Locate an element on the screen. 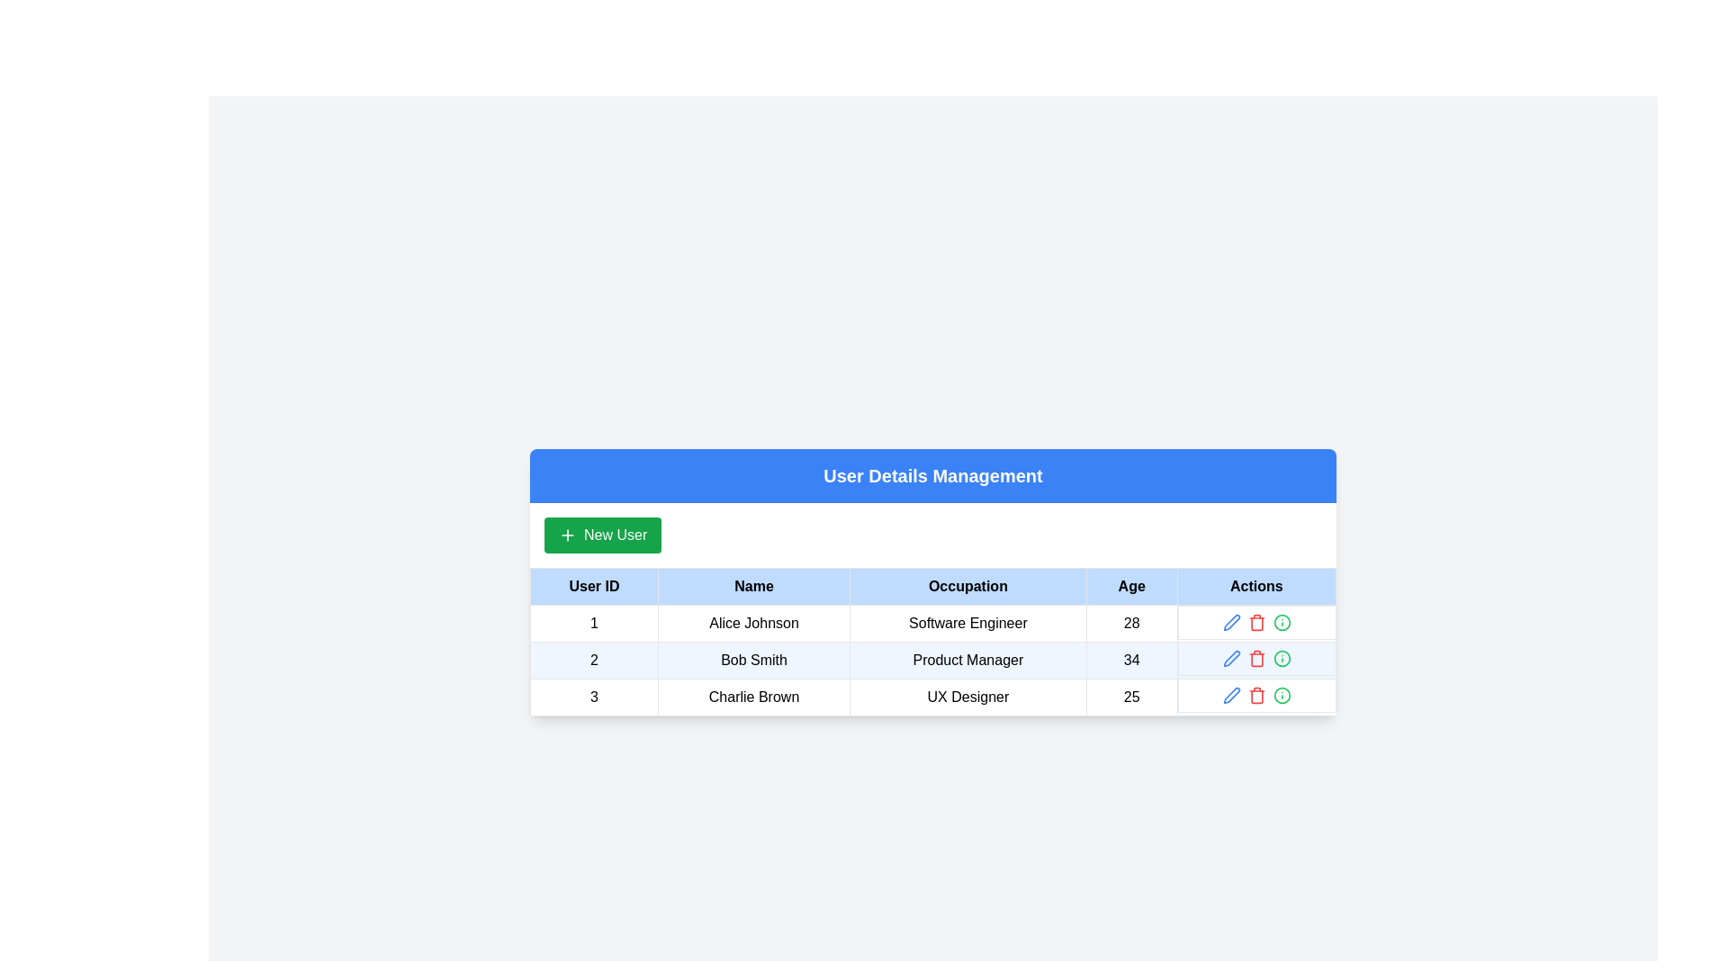  the central circular element of the green-outlined tooltip icon, which is the third button in the 'Actions' column for the 'Product Manager' row is located at coordinates (1281, 659).